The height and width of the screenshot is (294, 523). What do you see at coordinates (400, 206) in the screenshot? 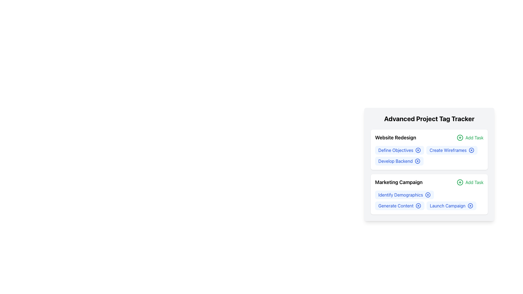
I see `the 'X' delete icon on the 'Generate Content' button` at bounding box center [400, 206].